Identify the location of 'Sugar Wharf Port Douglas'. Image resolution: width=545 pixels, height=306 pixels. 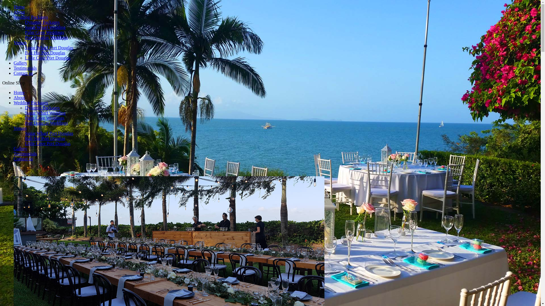
(49, 133).